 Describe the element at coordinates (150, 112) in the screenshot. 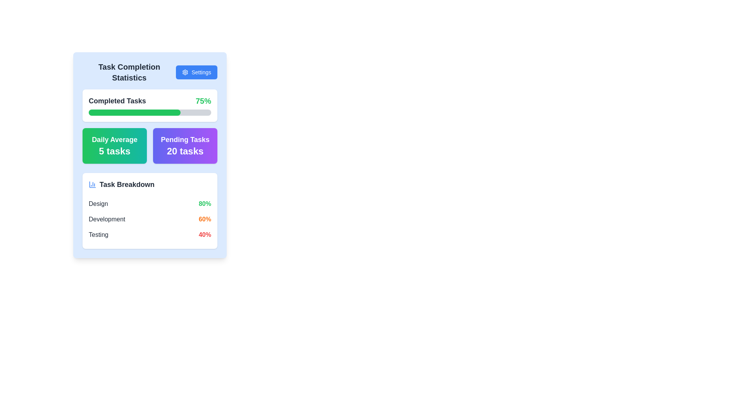

I see `the horizontal progress bar with a gray background and green filling, located within the 'Completed Tasks' card, directly below the text 'Completed Tasks' and '75%'` at that location.